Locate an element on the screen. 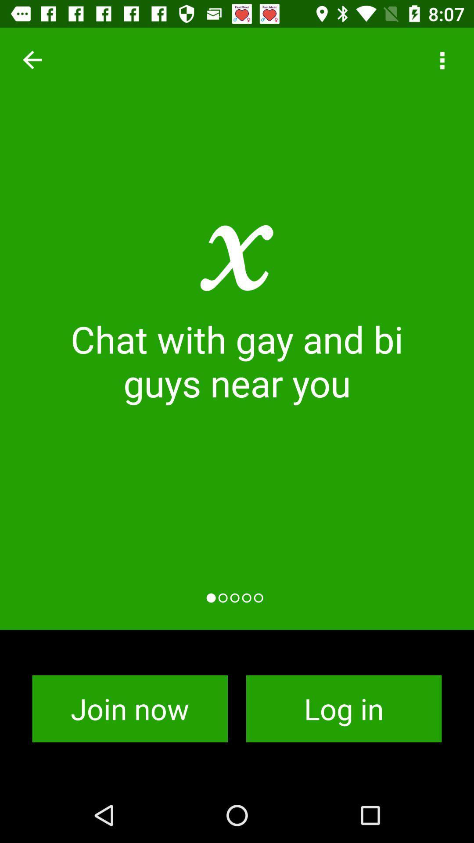  item at the top left corner is located at coordinates (32, 59).